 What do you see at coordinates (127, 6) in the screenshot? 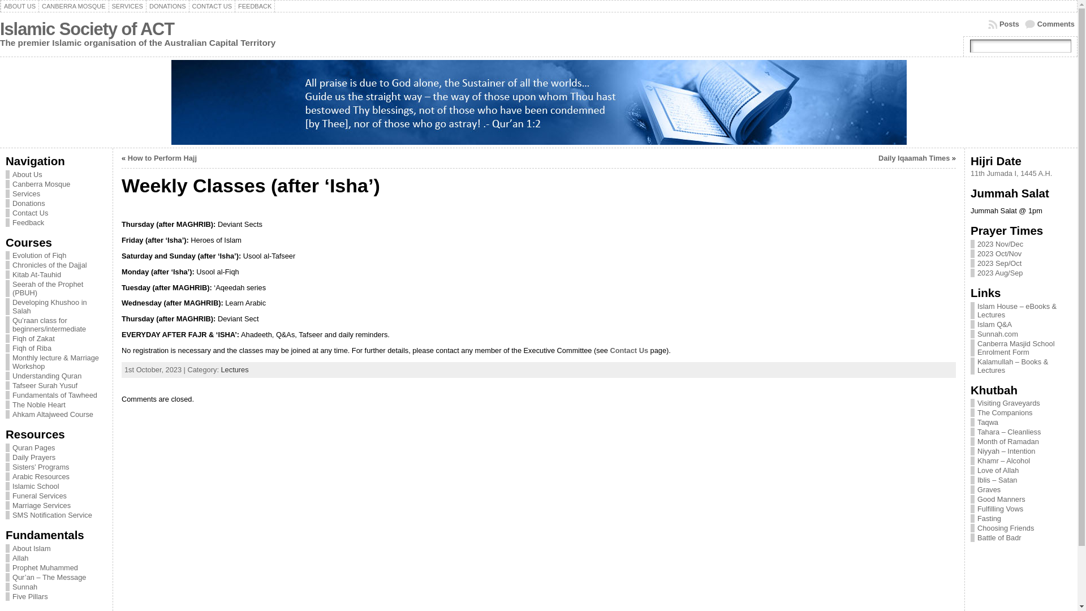
I see `'SERVICES'` at bounding box center [127, 6].